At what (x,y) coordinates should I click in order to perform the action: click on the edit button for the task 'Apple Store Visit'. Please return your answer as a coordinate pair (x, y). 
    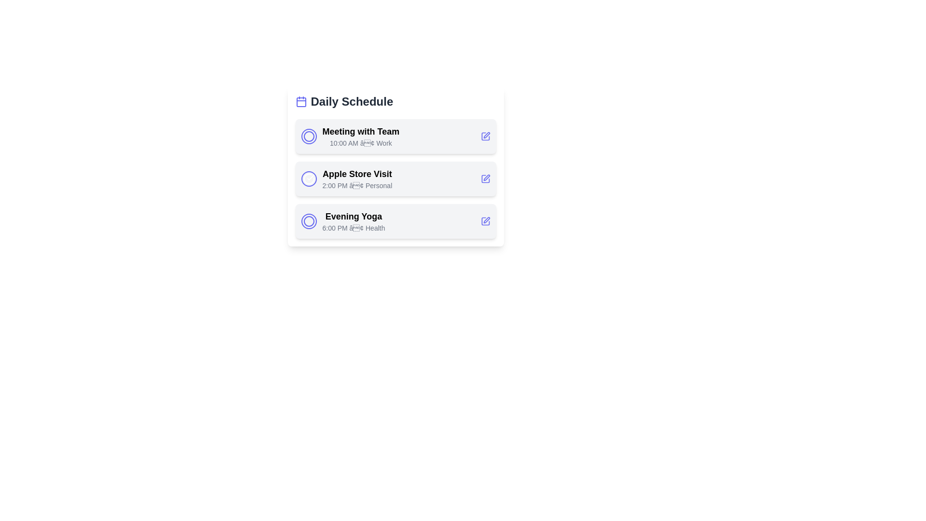
    Looking at the image, I should click on (485, 178).